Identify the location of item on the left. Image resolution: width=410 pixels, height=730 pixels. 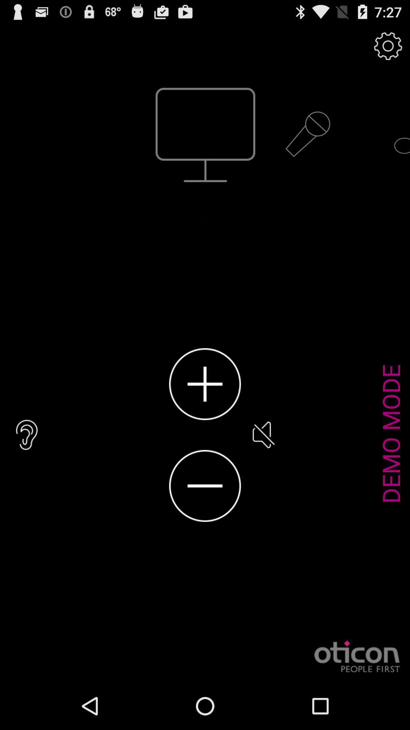
(27, 435).